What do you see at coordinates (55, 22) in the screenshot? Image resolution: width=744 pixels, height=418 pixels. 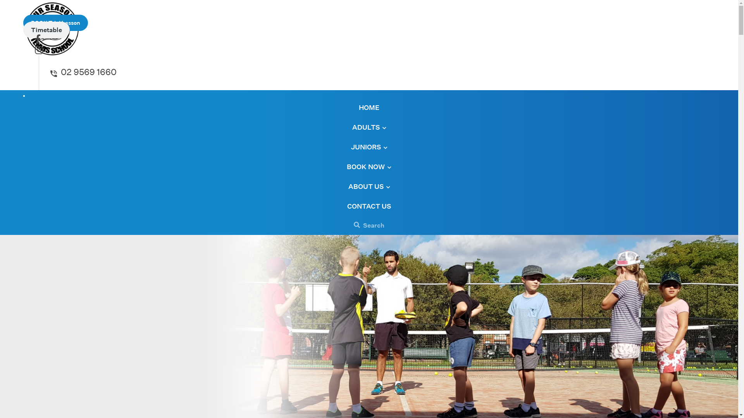 I see `'BOOK Trial Lesson'` at bounding box center [55, 22].